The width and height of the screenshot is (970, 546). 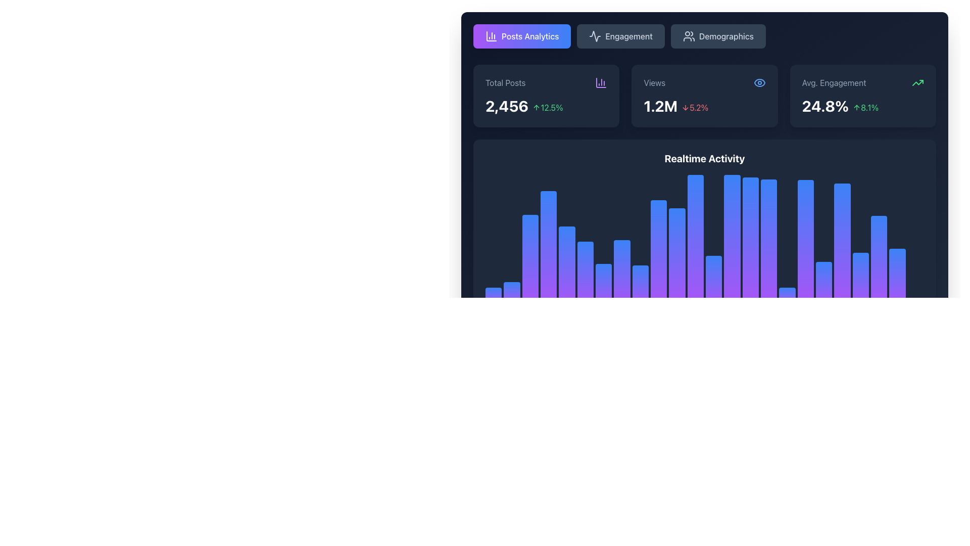 What do you see at coordinates (512, 300) in the screenshot?
I see `the second bar from the left in the bar chart, which is a thin rectangular bar with a gradient from purple to blue and rounded top corners` at bounding box center [512, 300].